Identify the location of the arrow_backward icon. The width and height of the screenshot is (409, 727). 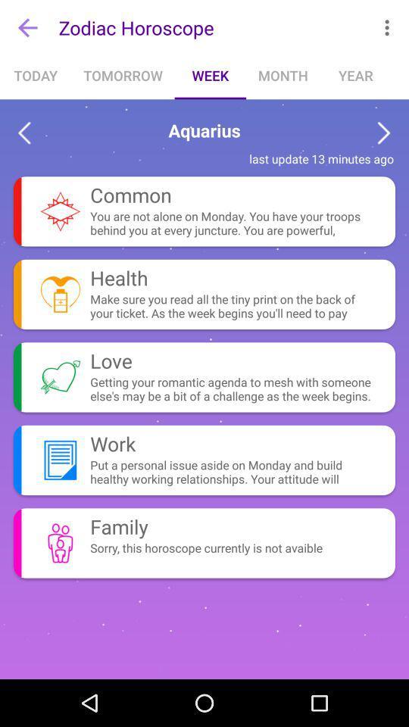
(23, 133).